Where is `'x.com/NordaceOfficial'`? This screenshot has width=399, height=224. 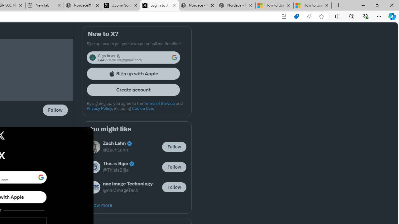 'x.com/NordaceOfficial' is located at coordinates (121, 5).